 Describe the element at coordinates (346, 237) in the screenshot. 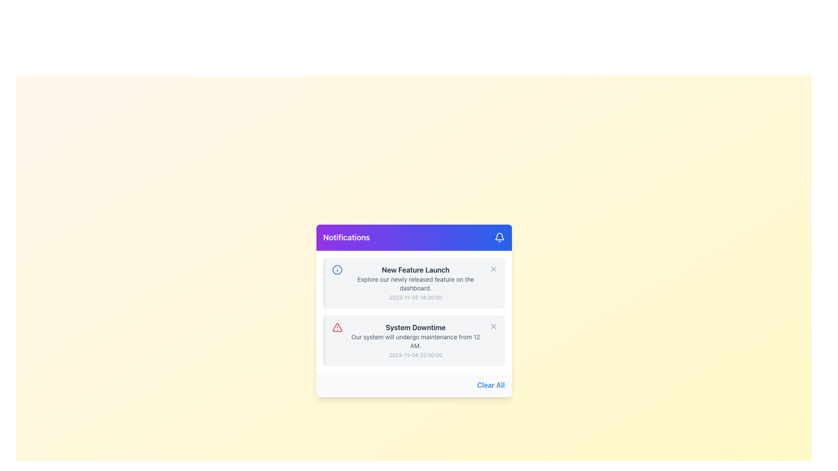

I see `the static text label that serves as the title for the notification section, located at the upper-left corner of the notification card's top bar` at that location.